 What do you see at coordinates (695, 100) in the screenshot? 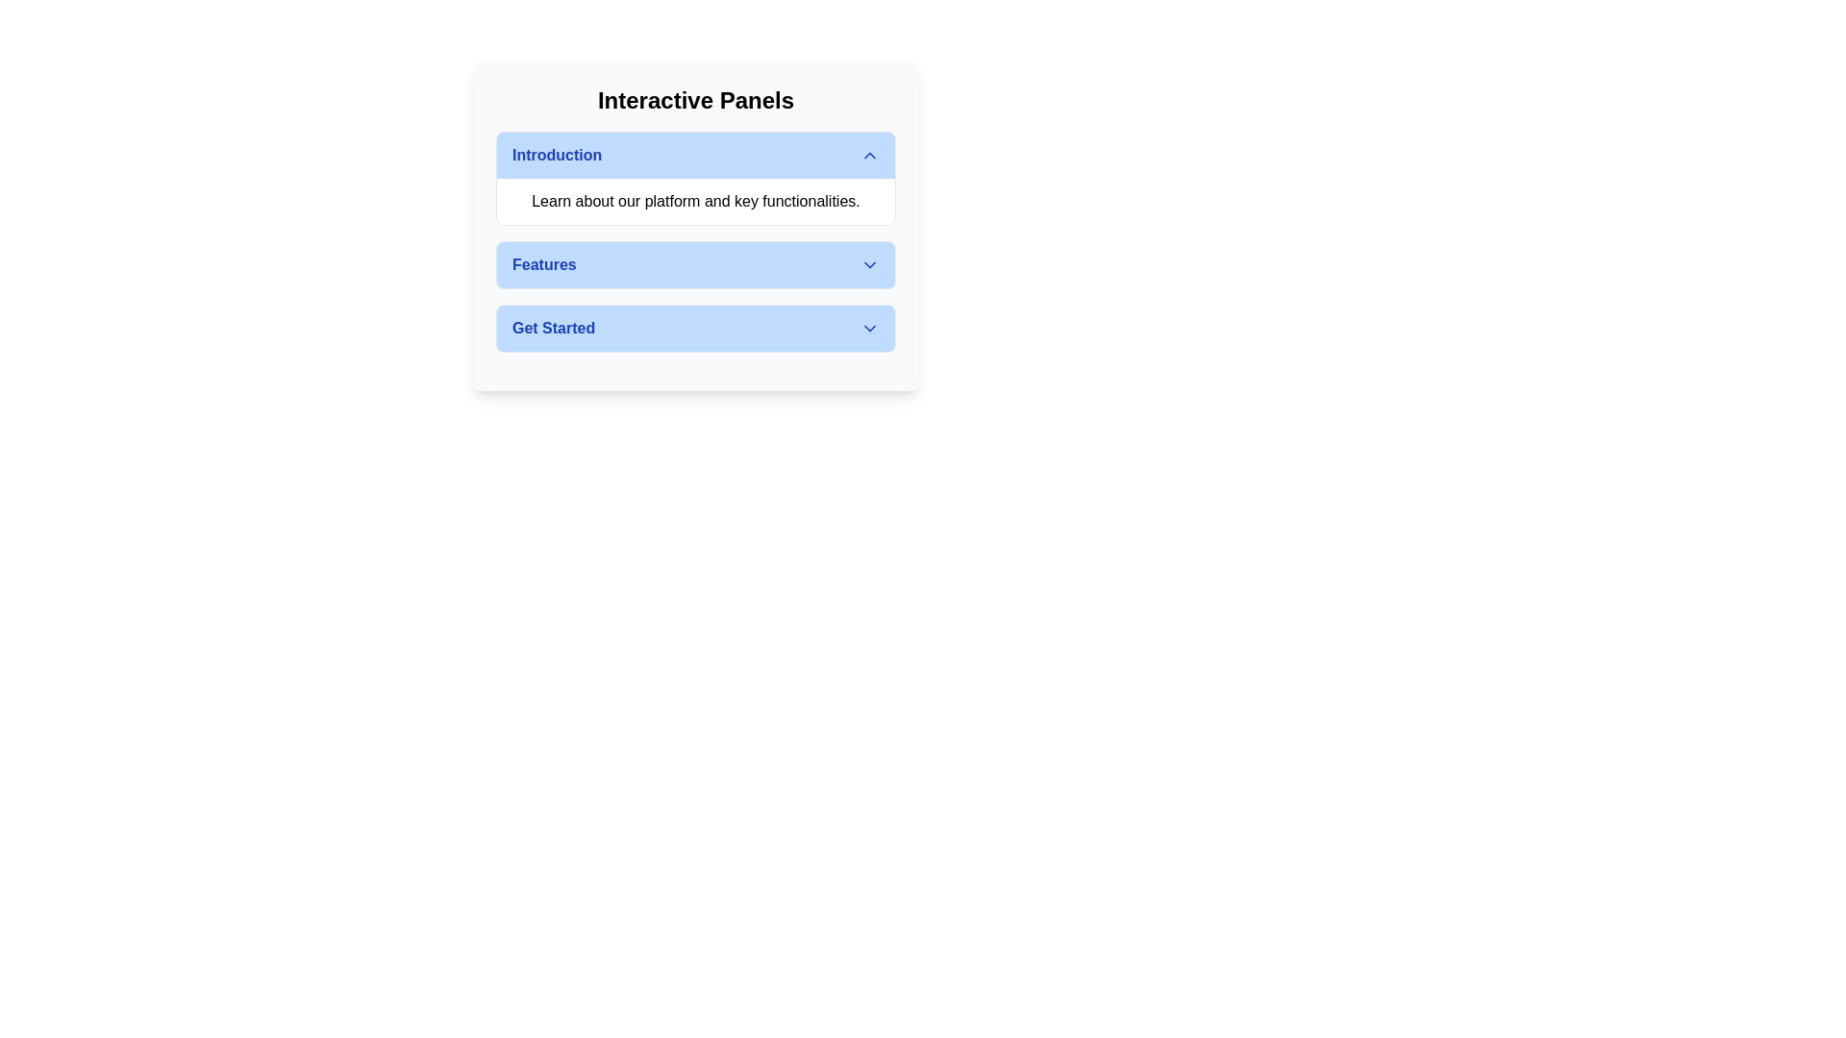
I see `the header text component that serves as the title for the section, located at the top of the card-like section and positioned above the collapsible sections labeled 'Introduction', 'Features', and 'Get Started'` at bounding box center [695, 100].